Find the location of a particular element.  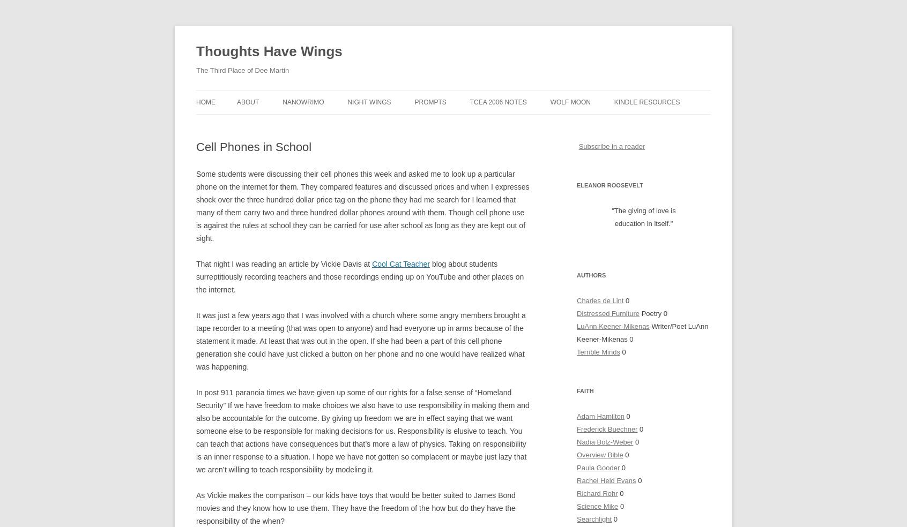

'As Vickie makes the comparison – our kids have toys that would be better suited to James Bond movies and they know how to use them. They have the freedom of the how but do they have the responsibility of the when?' is located at coordinates (355, 507).